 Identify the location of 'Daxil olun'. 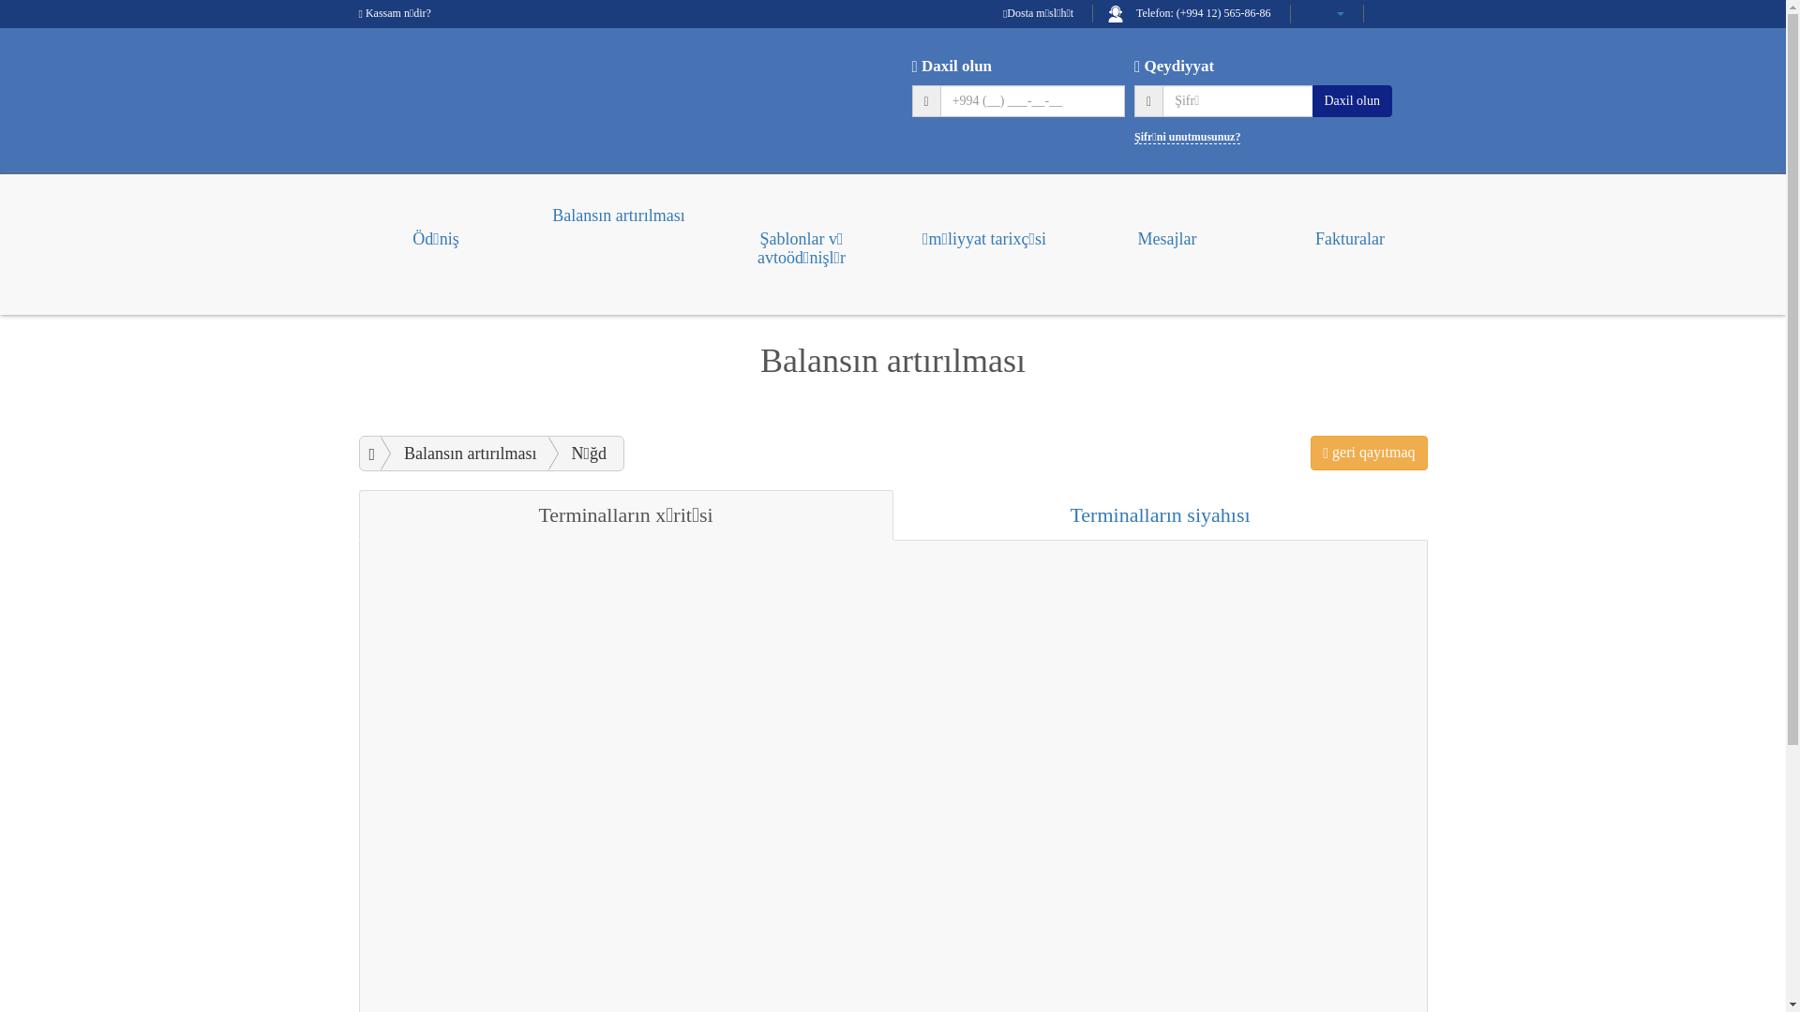
(1353, 100).